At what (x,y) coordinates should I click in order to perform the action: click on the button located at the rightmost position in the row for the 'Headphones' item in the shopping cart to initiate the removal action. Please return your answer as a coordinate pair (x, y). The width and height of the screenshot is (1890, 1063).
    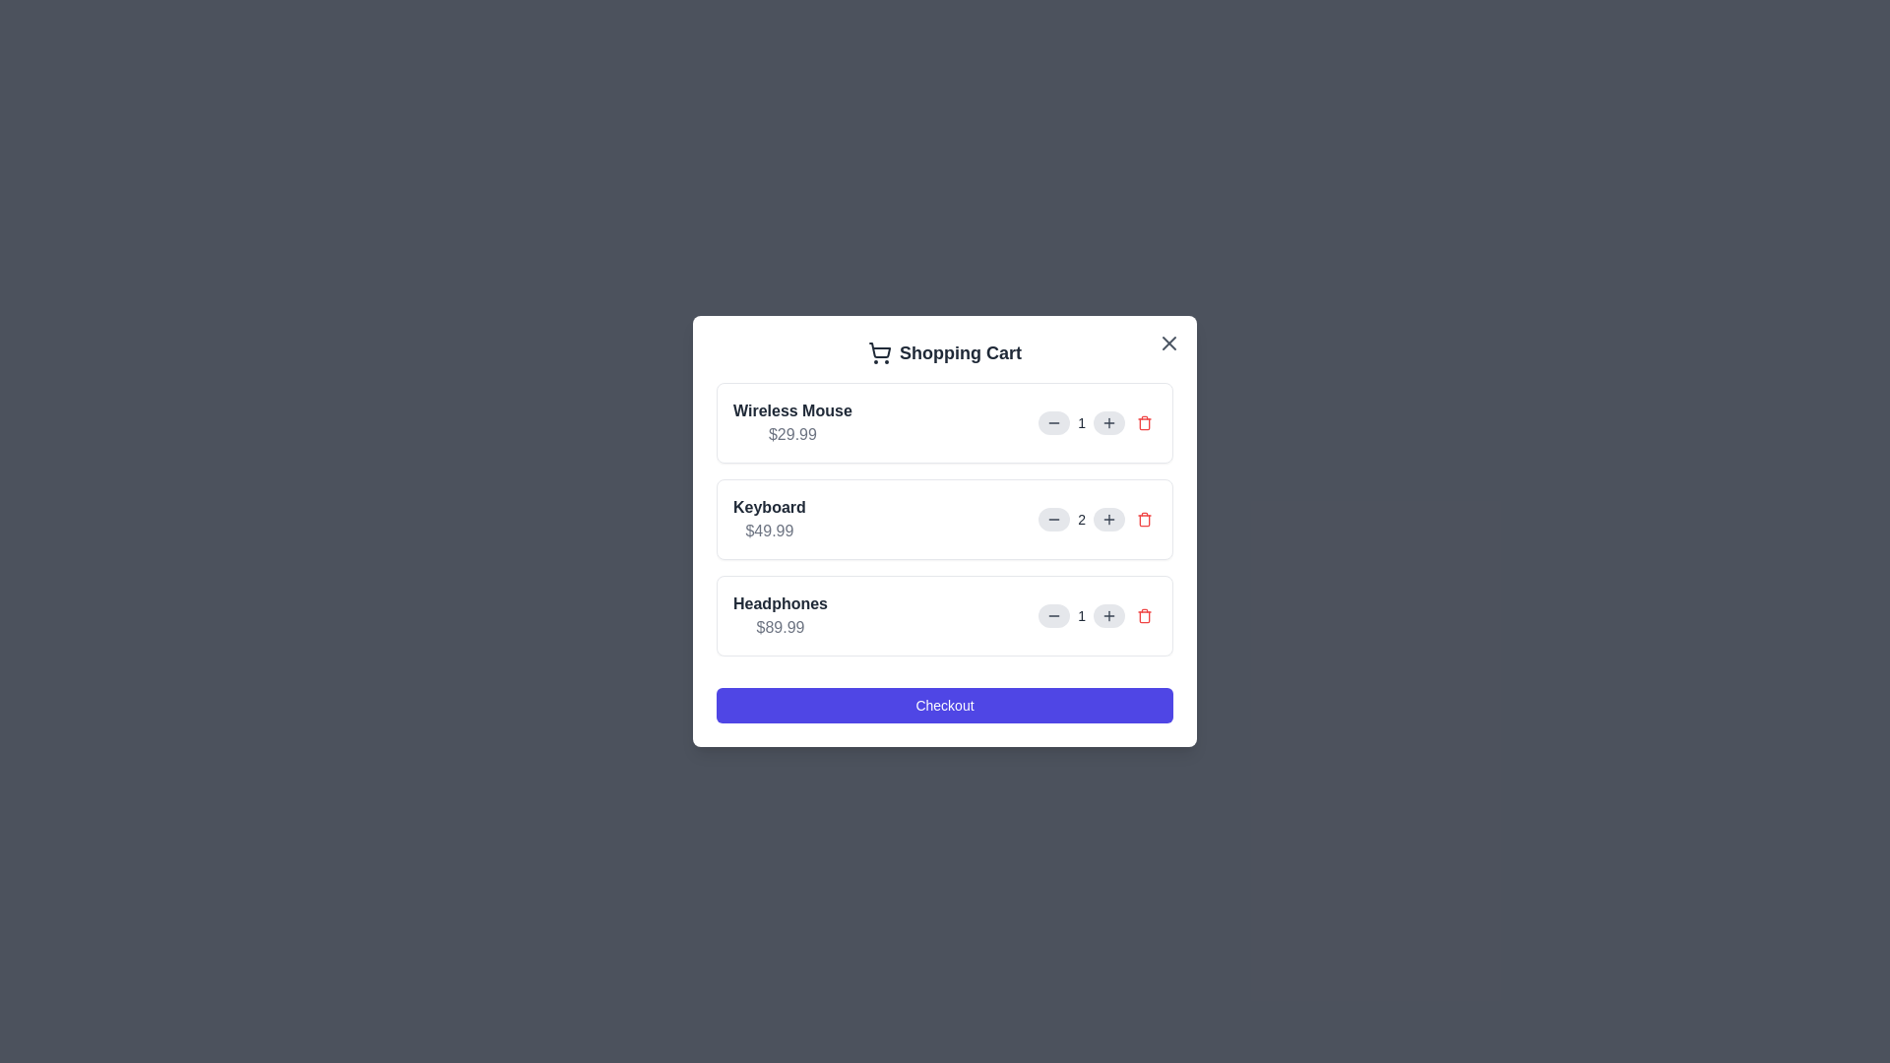
    Looking at the image, I should click on (1144, 614).